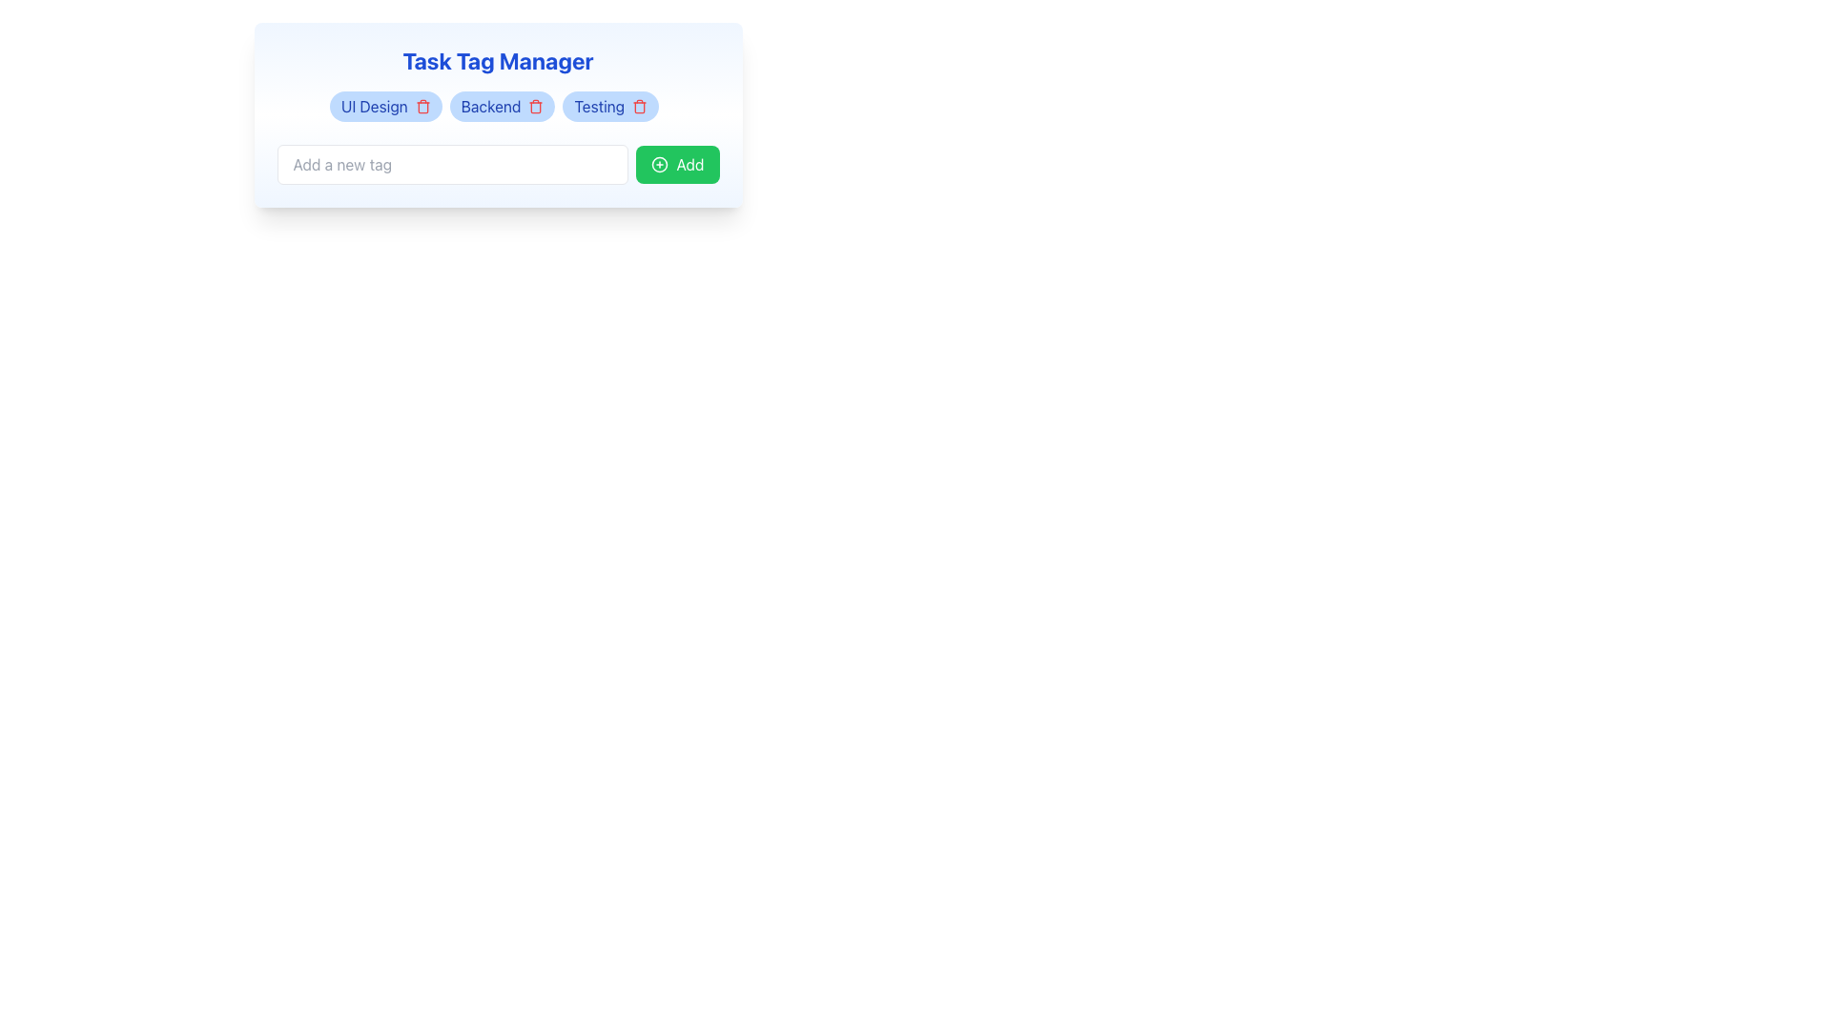 This screenshot has height=1029, width=1831. What do you see at coordinates (422, 106) in the screenshot?
I see `the red trash can button located immediately to the right of the text 'UI Design'` at bounding box center [422, 106].